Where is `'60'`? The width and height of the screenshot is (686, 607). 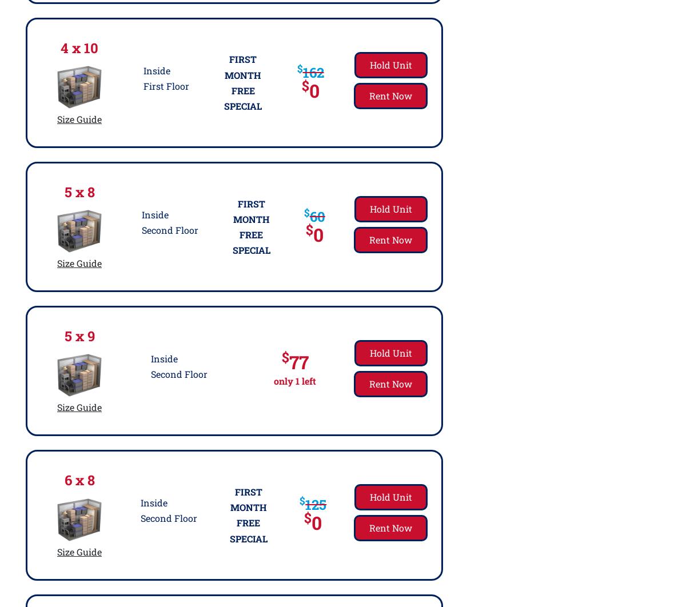 '60' is located at coordinates (308, 215).